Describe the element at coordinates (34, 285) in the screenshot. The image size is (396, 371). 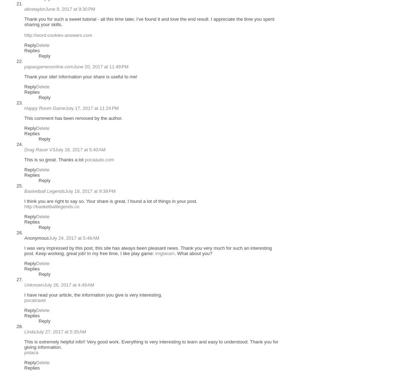
I see `'Unknown'` at that location.